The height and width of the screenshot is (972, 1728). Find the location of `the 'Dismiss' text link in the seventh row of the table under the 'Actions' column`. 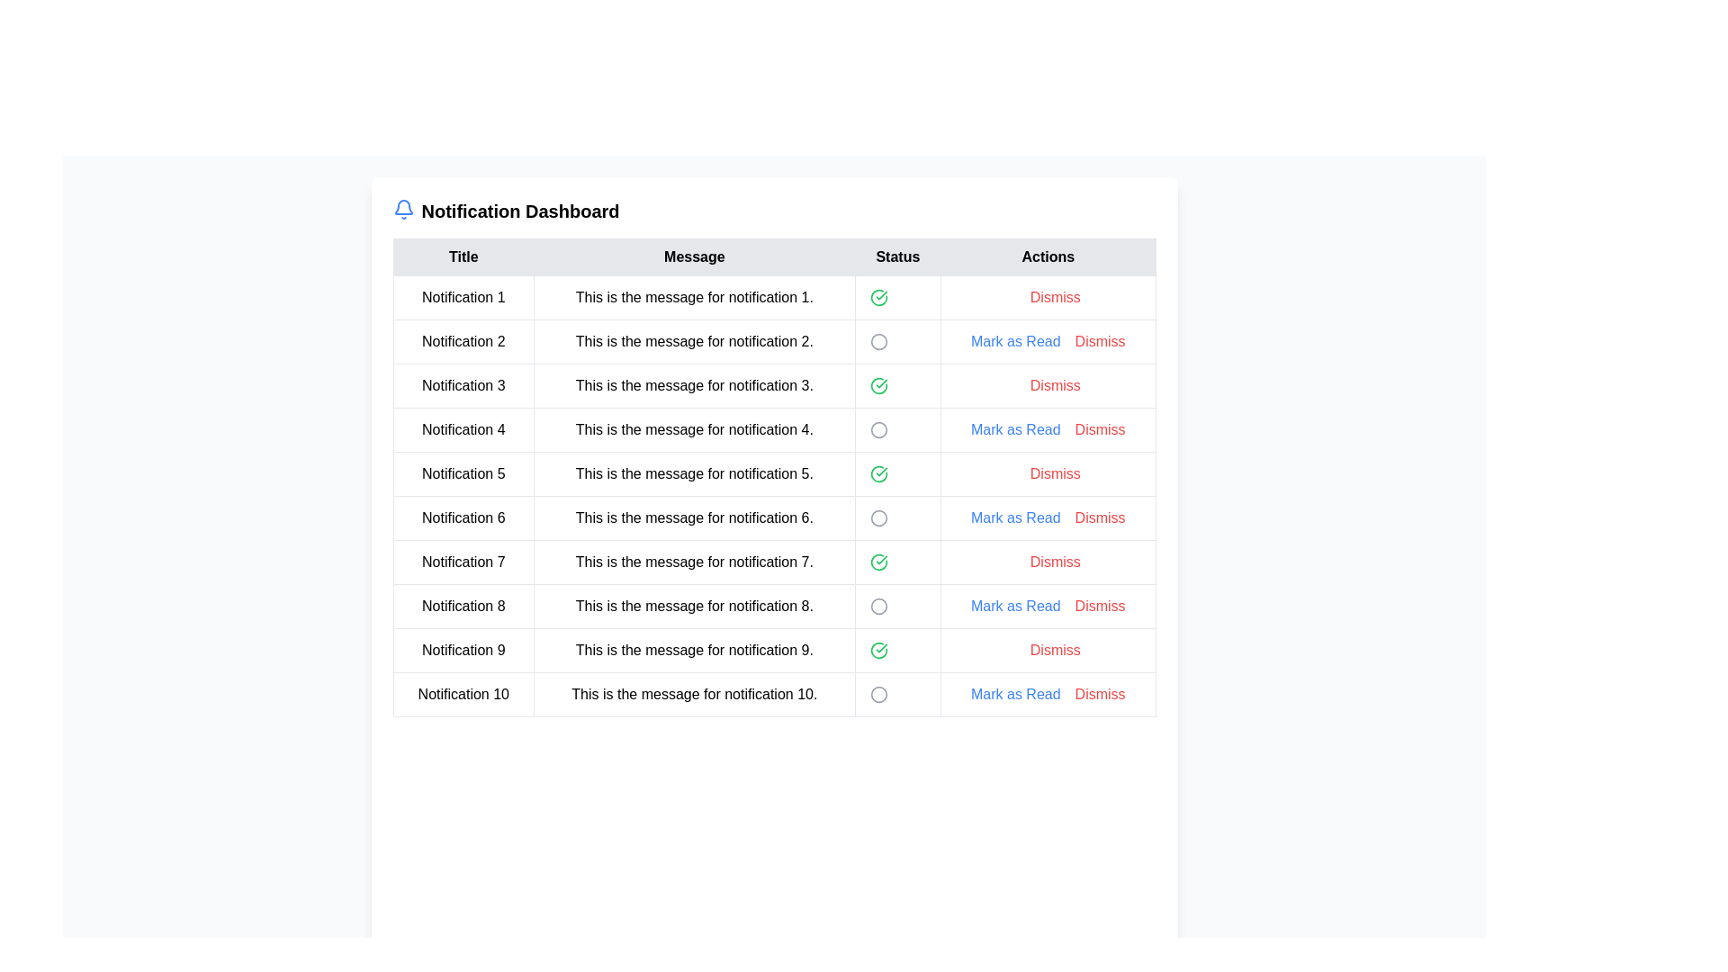

the 'Dismiss' text link in the seventh row of the table under the 'Actions' column is located at coordinates (1055, 561).